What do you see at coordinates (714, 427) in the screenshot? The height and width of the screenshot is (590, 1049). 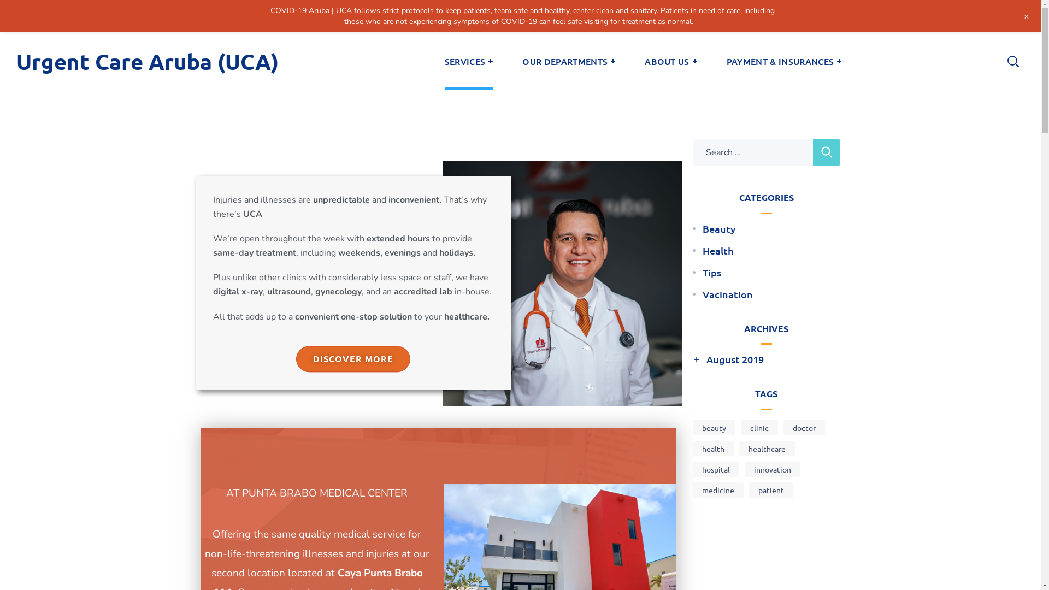 I see `'beauty'` at bounding box center [714, 427].